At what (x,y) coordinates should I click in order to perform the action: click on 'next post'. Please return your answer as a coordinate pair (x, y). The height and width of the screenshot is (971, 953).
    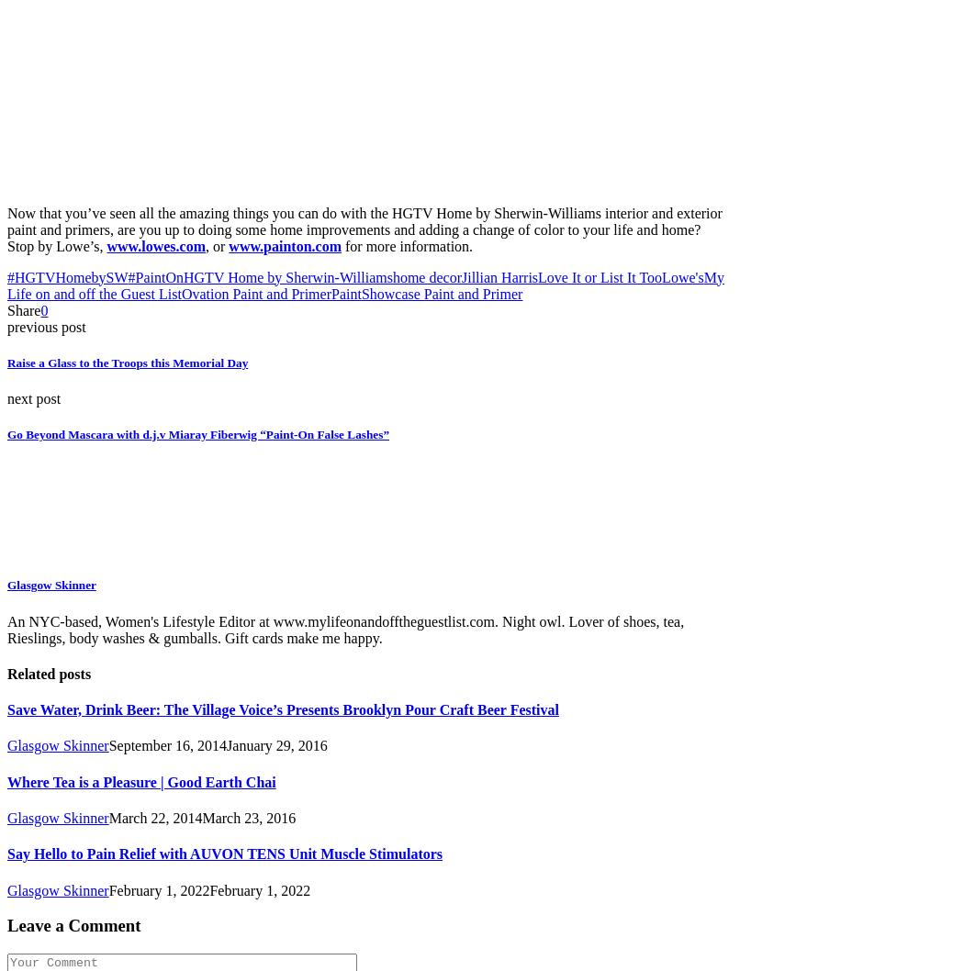
    Looking at the image, I should click on (32, 397).